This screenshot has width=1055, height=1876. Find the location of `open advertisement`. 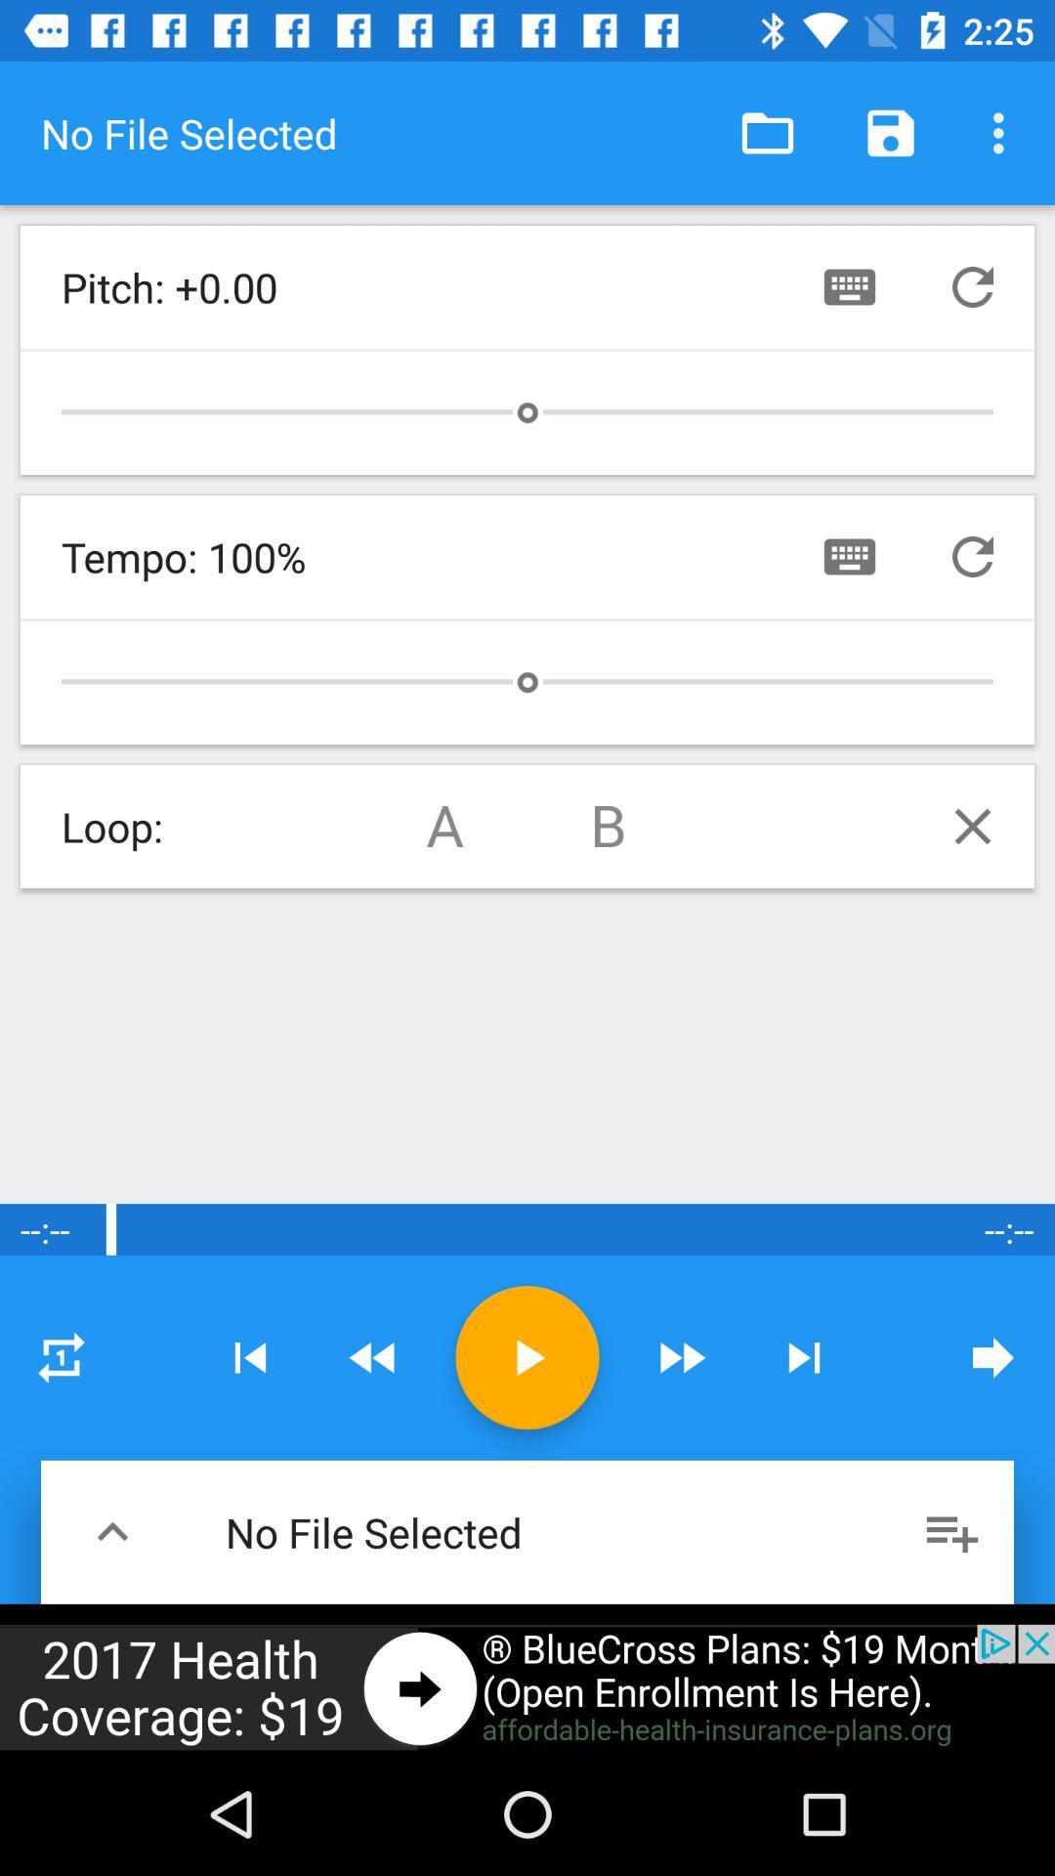

open advertisement is located at coordinates (527, 1687).